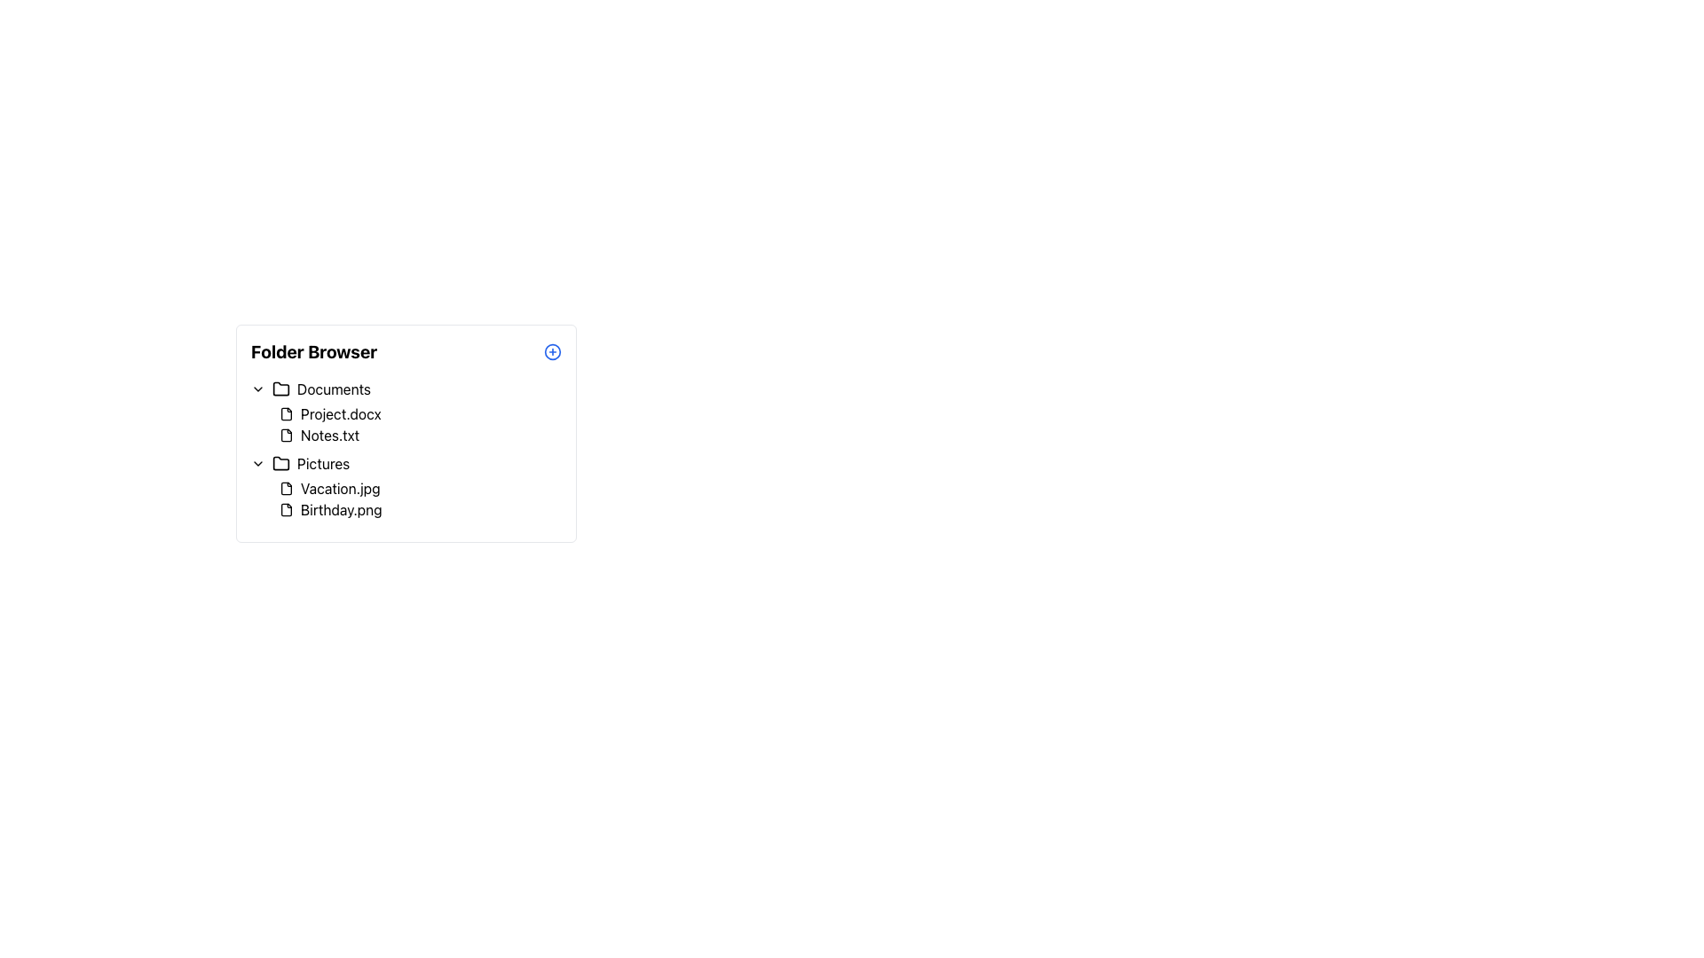 The image size is (1704, 958). Describe the element at coordinates (405, 389) in the screenshot. I see `the 'Documents' folder entry in the file directory browser` at that location.